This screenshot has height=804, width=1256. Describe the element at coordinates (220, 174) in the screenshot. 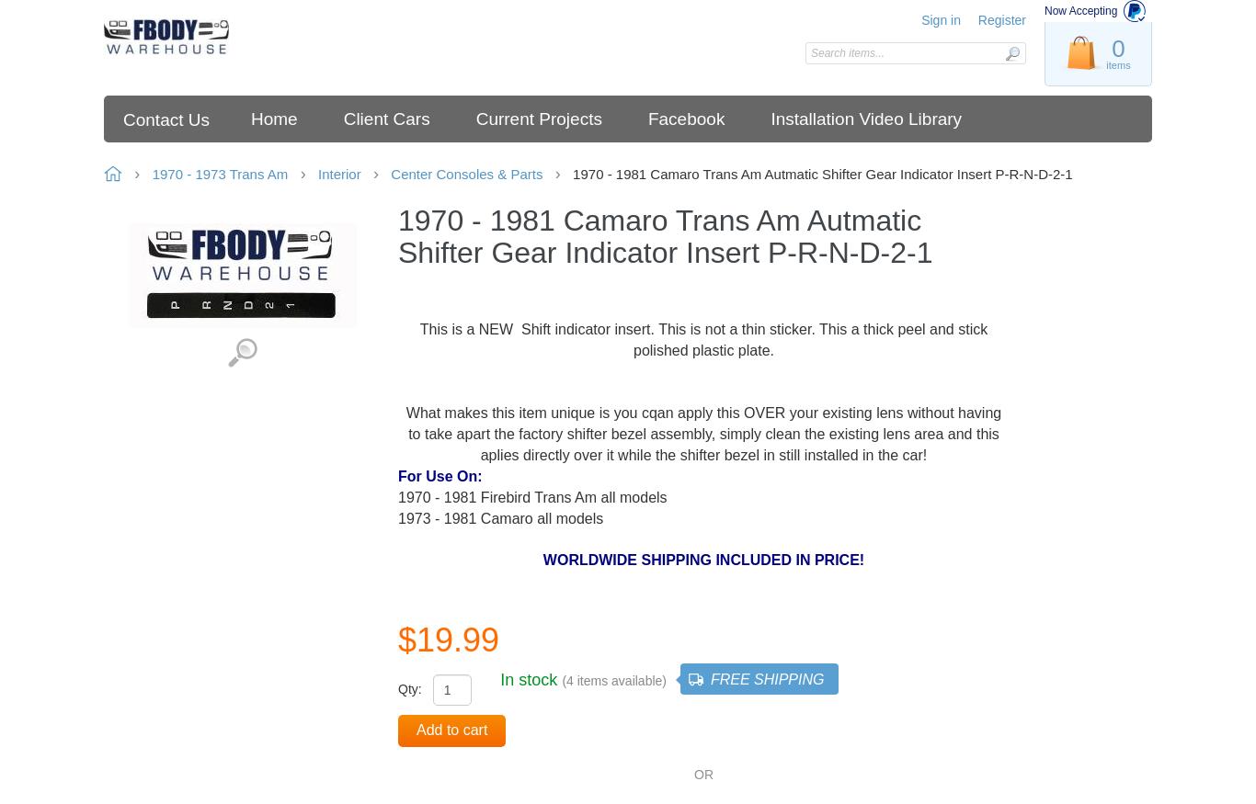

I see `'1970 - 1973 Trans Am'` at that location.